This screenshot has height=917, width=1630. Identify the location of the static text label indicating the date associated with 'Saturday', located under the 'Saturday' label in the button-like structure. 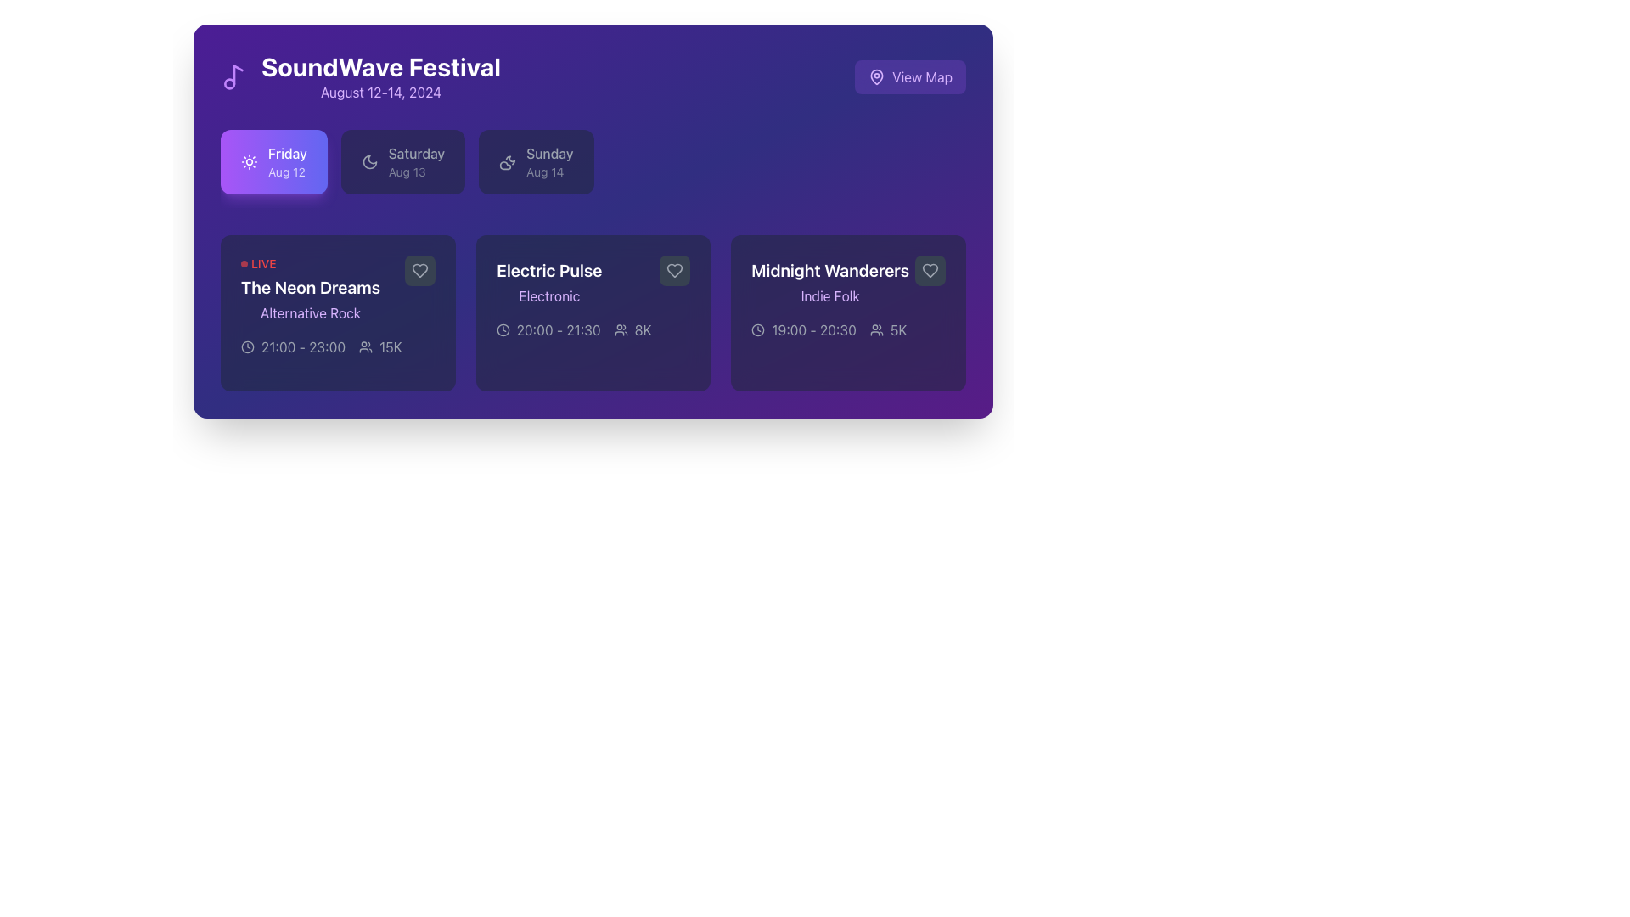
(416, 172).